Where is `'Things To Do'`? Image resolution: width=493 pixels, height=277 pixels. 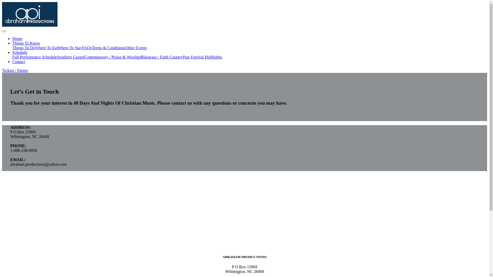
'Things To Do' is located at coordinates (12, 48).